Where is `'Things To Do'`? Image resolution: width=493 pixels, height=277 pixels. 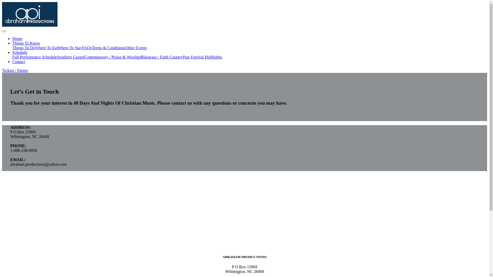
'Things To Do' is located at coordinates (12, 48).